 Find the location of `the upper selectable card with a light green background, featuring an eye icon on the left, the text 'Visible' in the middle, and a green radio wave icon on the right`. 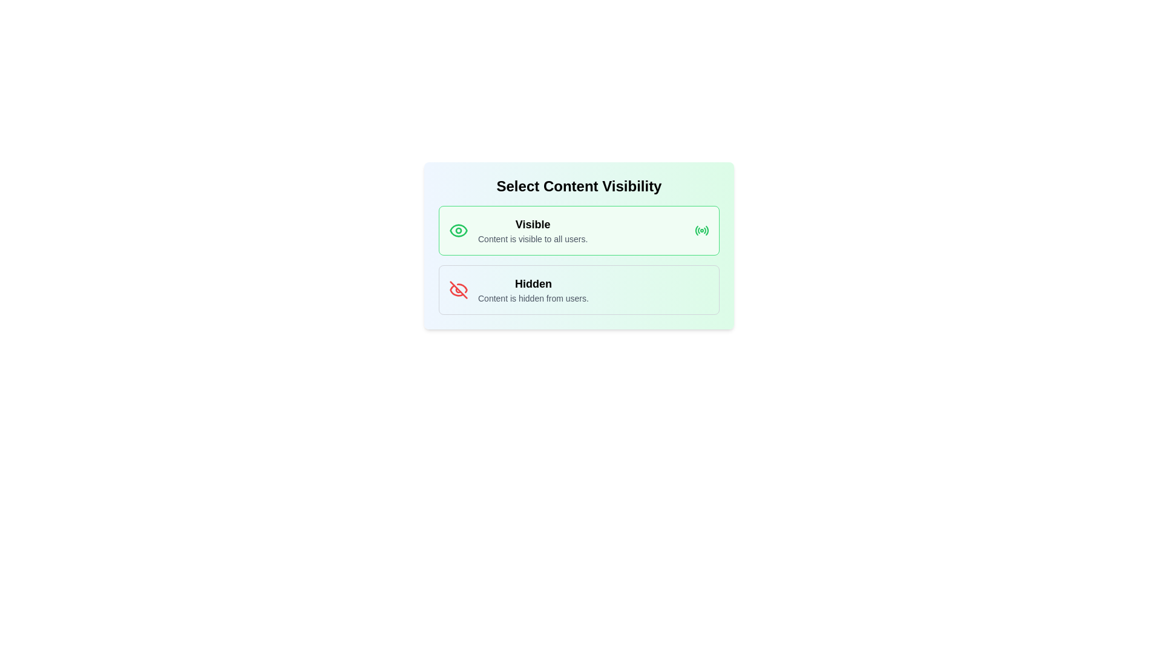

the upper selectable card with a light green background, featuring an eye icon on the left, the text 'Visible' in the middle, and a green radio wave icon on the right is located at coordinates (578, 231).